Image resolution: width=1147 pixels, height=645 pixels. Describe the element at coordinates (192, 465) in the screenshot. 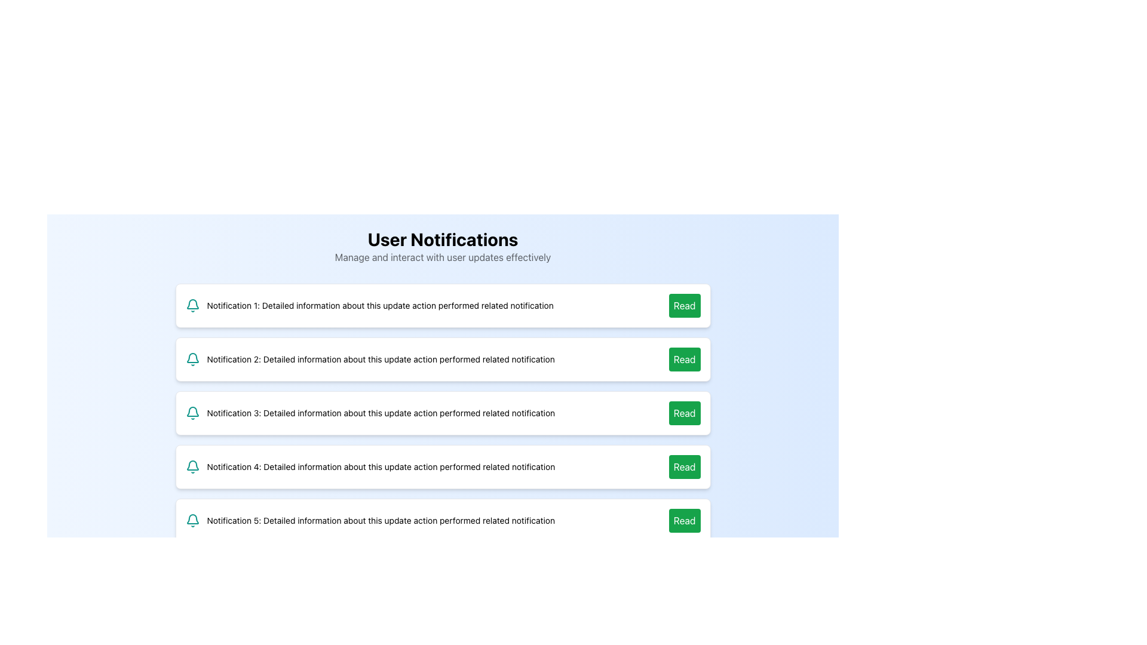

I see `the notification bell icon, which is a teal-colored SVG located near the top-left corner of the notification items section` at that location.